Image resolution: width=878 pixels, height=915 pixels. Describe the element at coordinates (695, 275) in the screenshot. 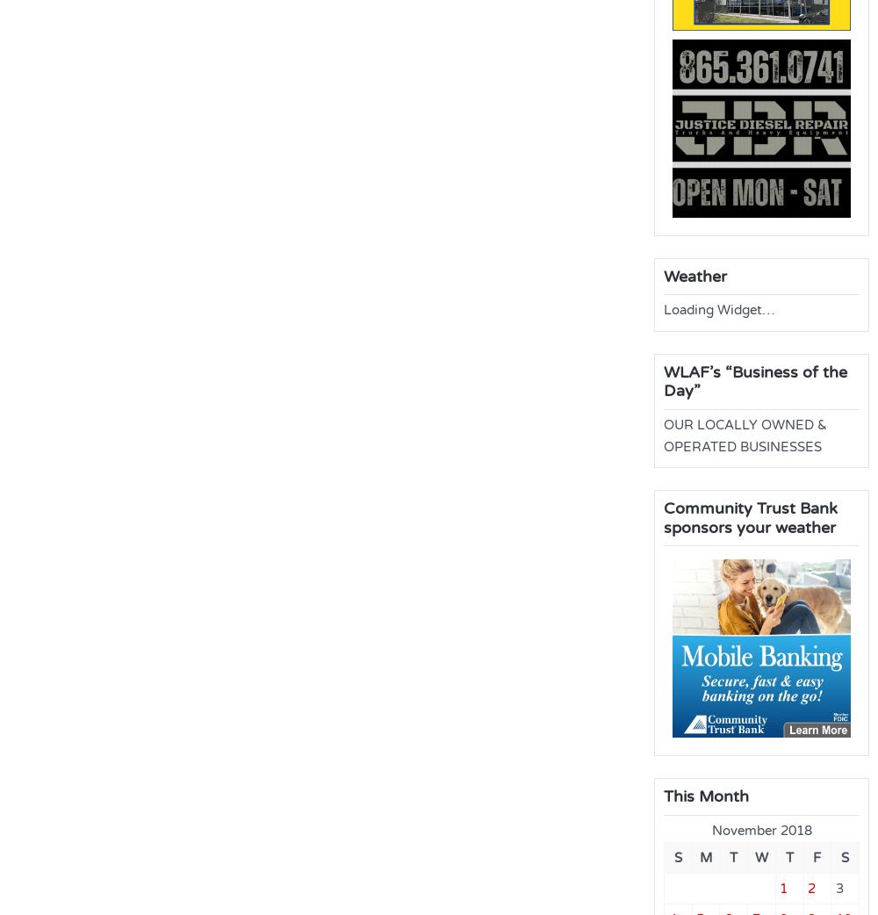

I see `'Weather'` at that location.